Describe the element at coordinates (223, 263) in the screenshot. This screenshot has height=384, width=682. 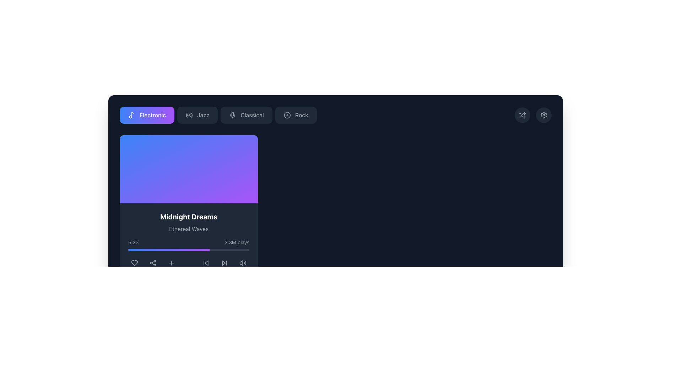
I see `the skip-forward button, which is an arrow-shaped geometric figure located` at that location.